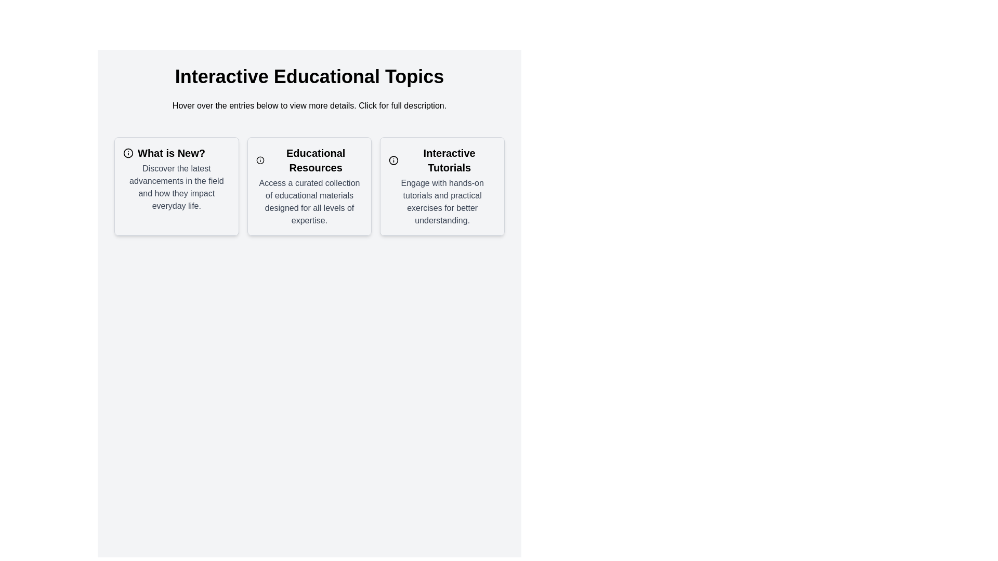  What do you see at coordinates (309, 185) in the screenshot?
I see `the card titled 'Educational Resources', which features a bold title and descriptive text, centrally located in a grid of three cards` at bounding box center [309, 185].